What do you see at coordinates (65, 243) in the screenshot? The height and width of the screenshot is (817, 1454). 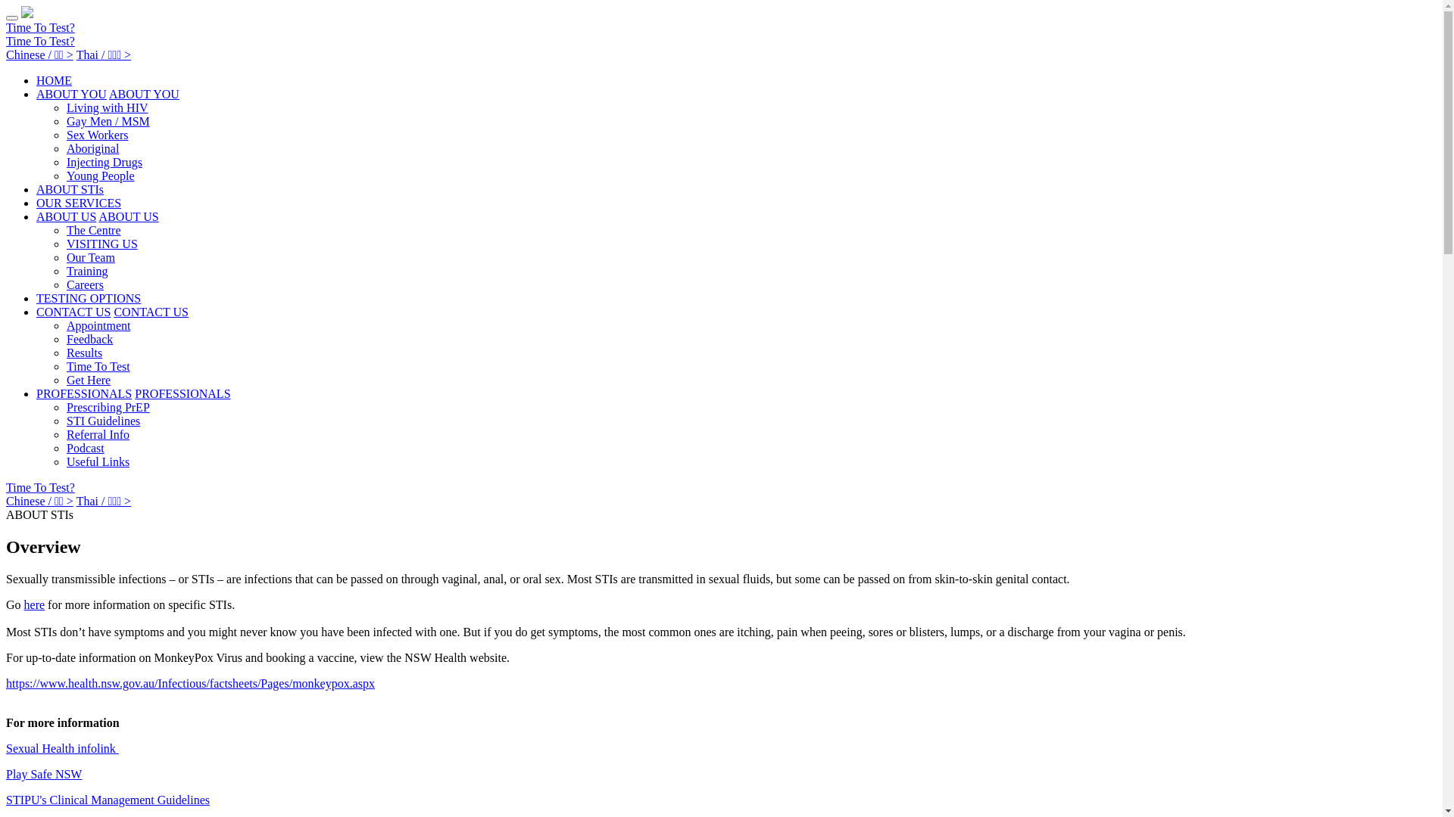 I see `'VISITING US'` at bounding box center [65, 243].